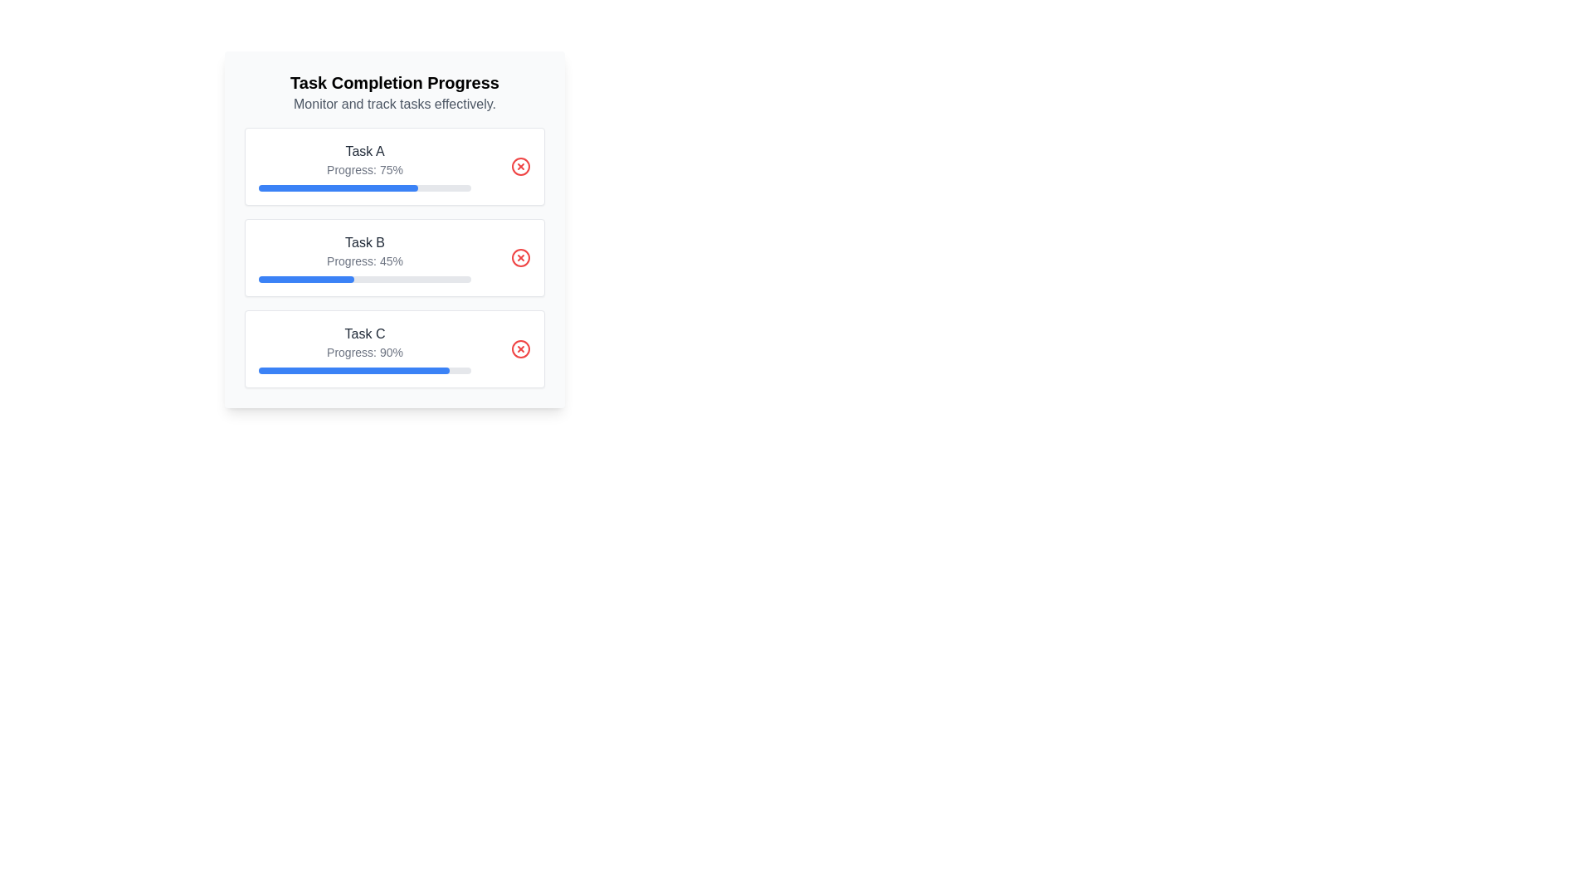  What do you see at coordinates (306, 278) in the screenshot?
I see `the progress bar that visually represents the progress of Task B, which is currently 45% complete` at bounding box center [306, 278].